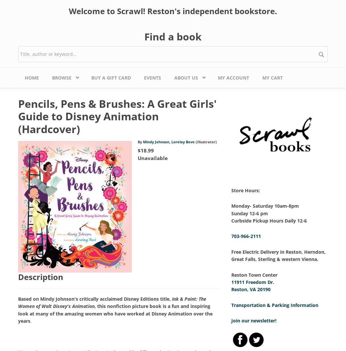 Image resolution: width=346 pixels, height=351 pixels. Describe the element at coordinates (245, 236) in the screenshot. I see `'703-966-2111'` at that location.